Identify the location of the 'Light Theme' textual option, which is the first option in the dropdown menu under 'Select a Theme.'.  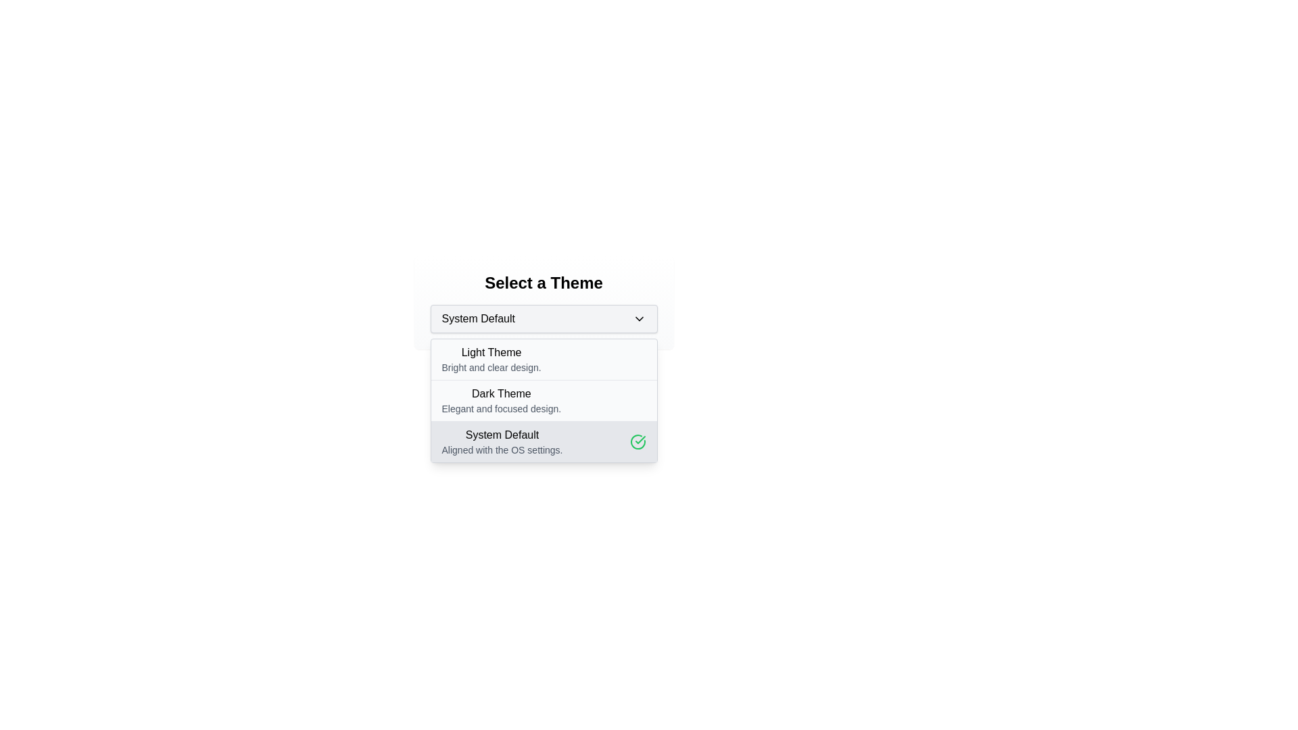
(491, 359).